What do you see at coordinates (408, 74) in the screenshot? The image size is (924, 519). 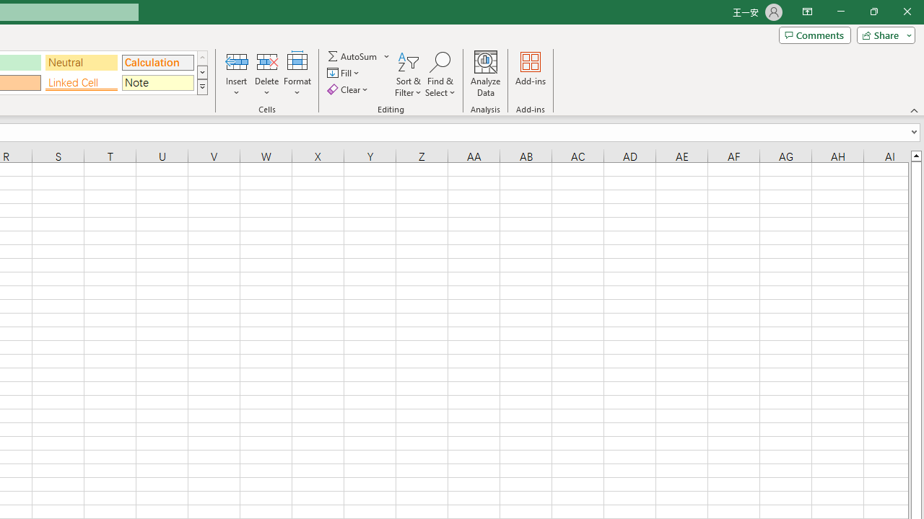 I see `'Sort & Filter'` at bounding box center [408, 74].